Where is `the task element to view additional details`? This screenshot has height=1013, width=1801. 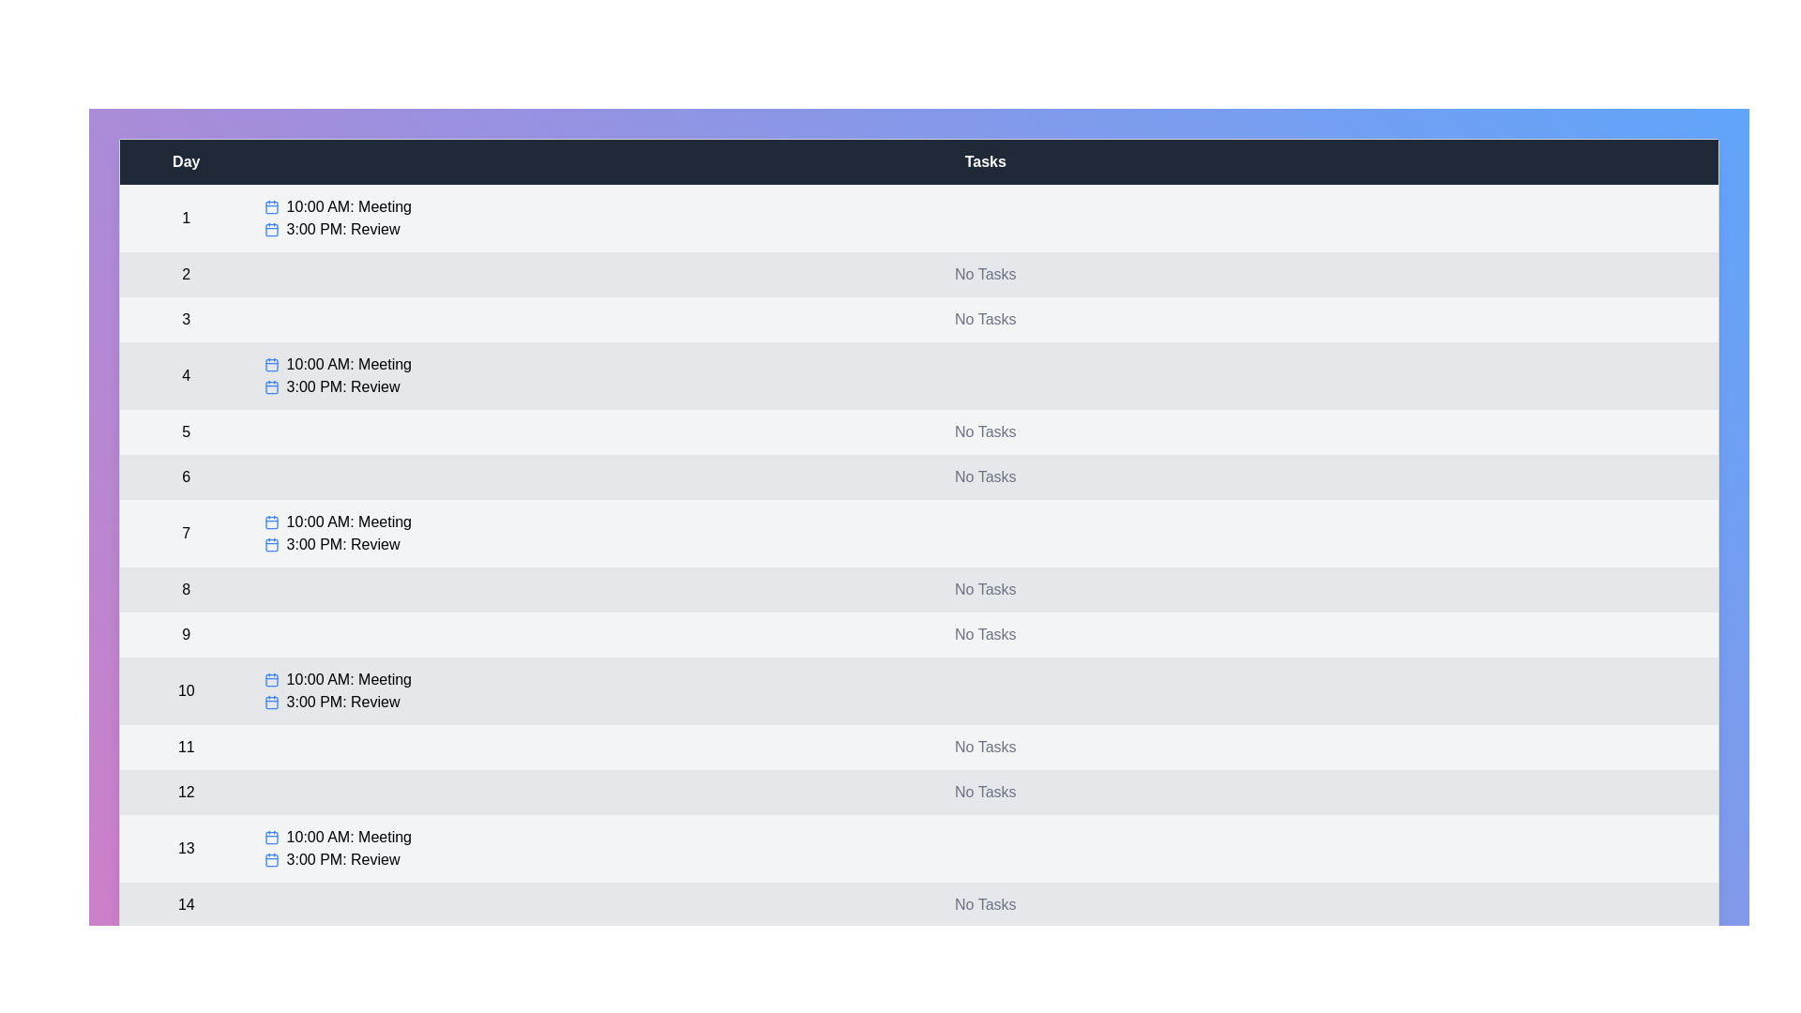
the task element to view additional details is located at coordinates (269, 206).